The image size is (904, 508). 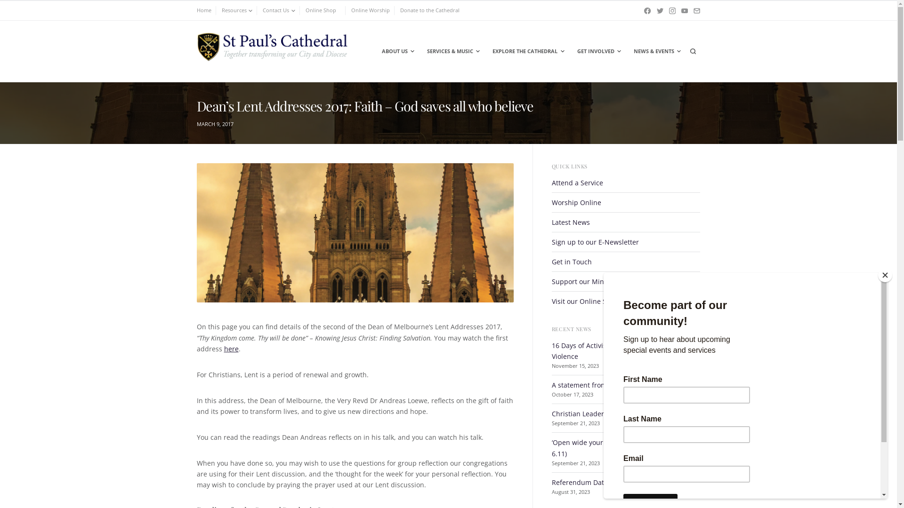 I want to click on 'SERVICES & MUSIC', so click(x=452, y=51).